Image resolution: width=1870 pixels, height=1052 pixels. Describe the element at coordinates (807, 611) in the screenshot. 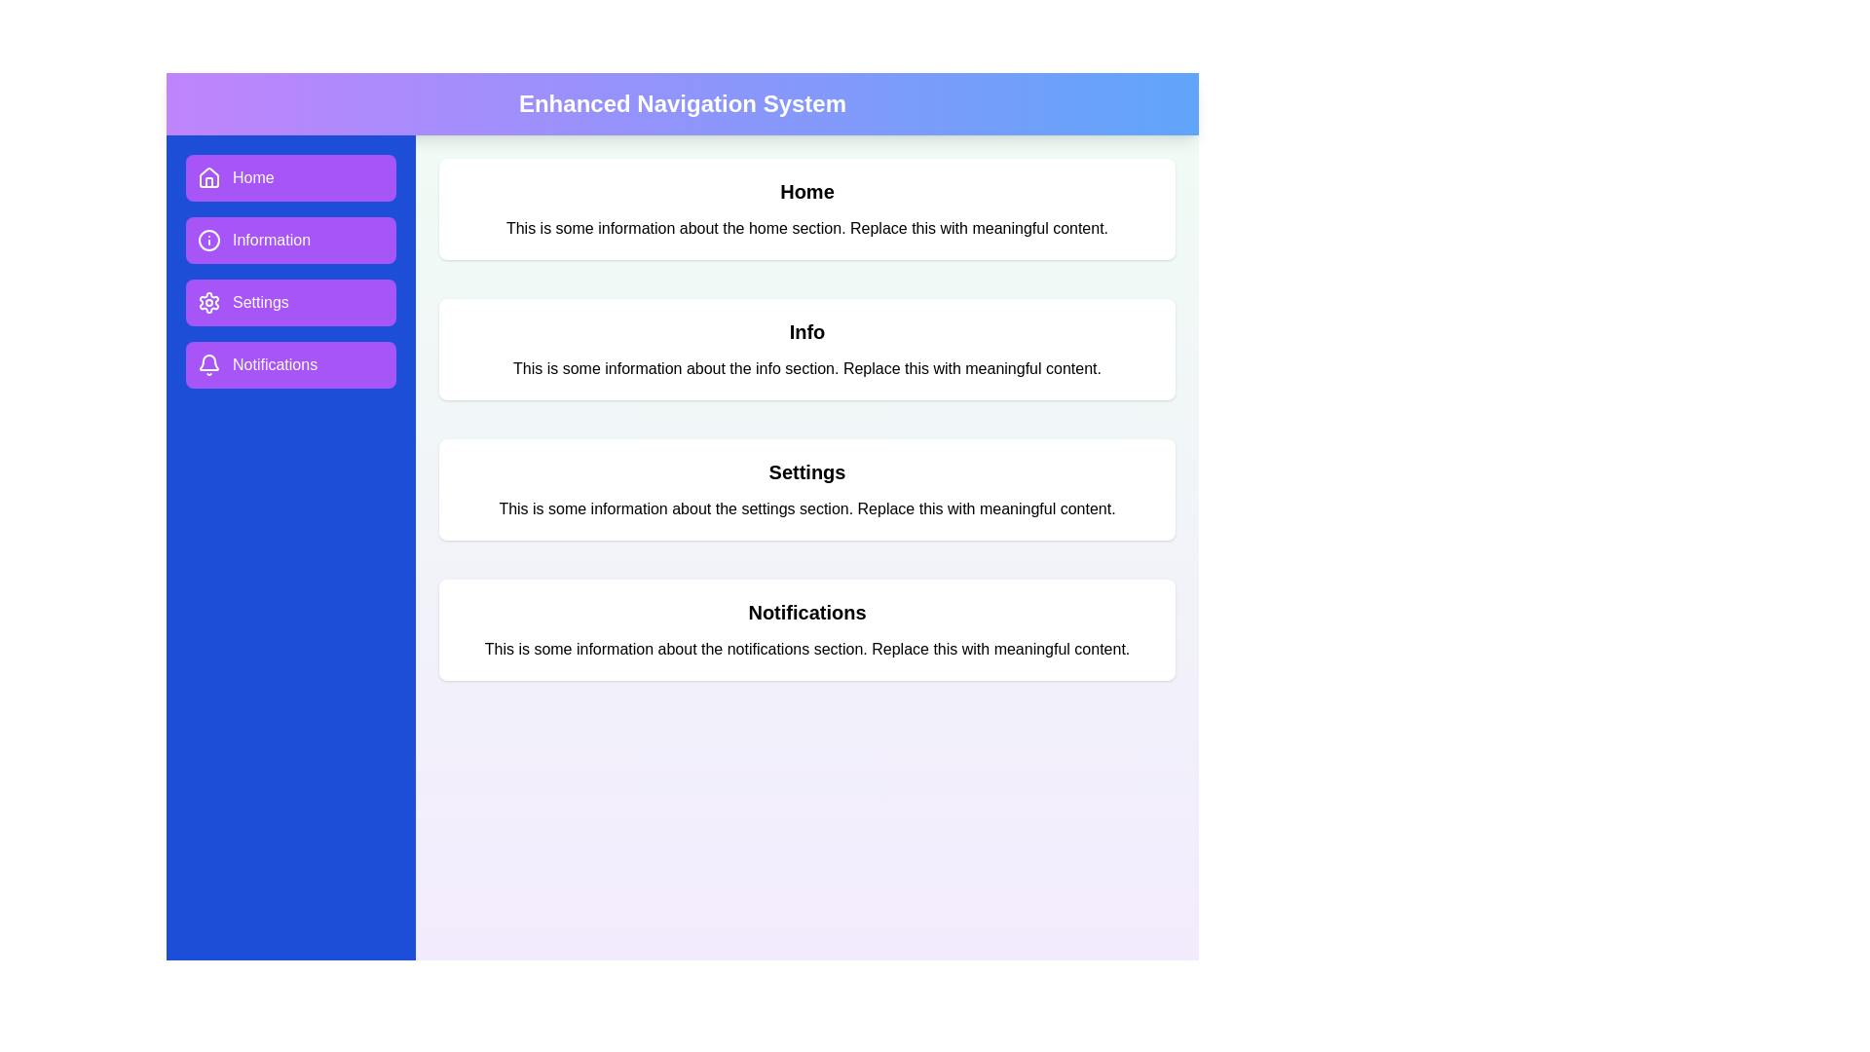

I see `the 'Notifications' header label, which is bold, capitalized, and larger than surrounding text, located centrally at the top of the Notifications section` at that location.